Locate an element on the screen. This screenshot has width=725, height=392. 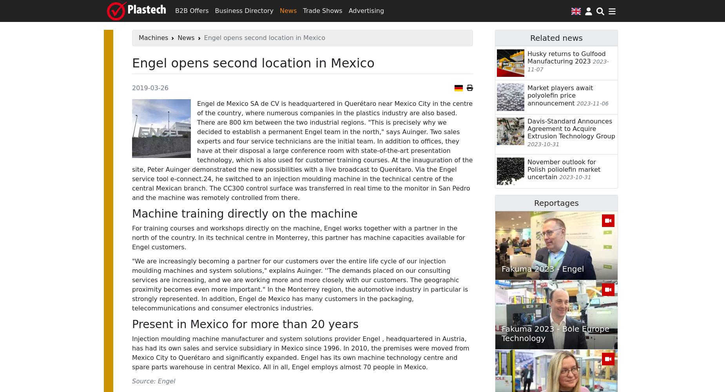
'Machines' is located at coordinates (153, 37).